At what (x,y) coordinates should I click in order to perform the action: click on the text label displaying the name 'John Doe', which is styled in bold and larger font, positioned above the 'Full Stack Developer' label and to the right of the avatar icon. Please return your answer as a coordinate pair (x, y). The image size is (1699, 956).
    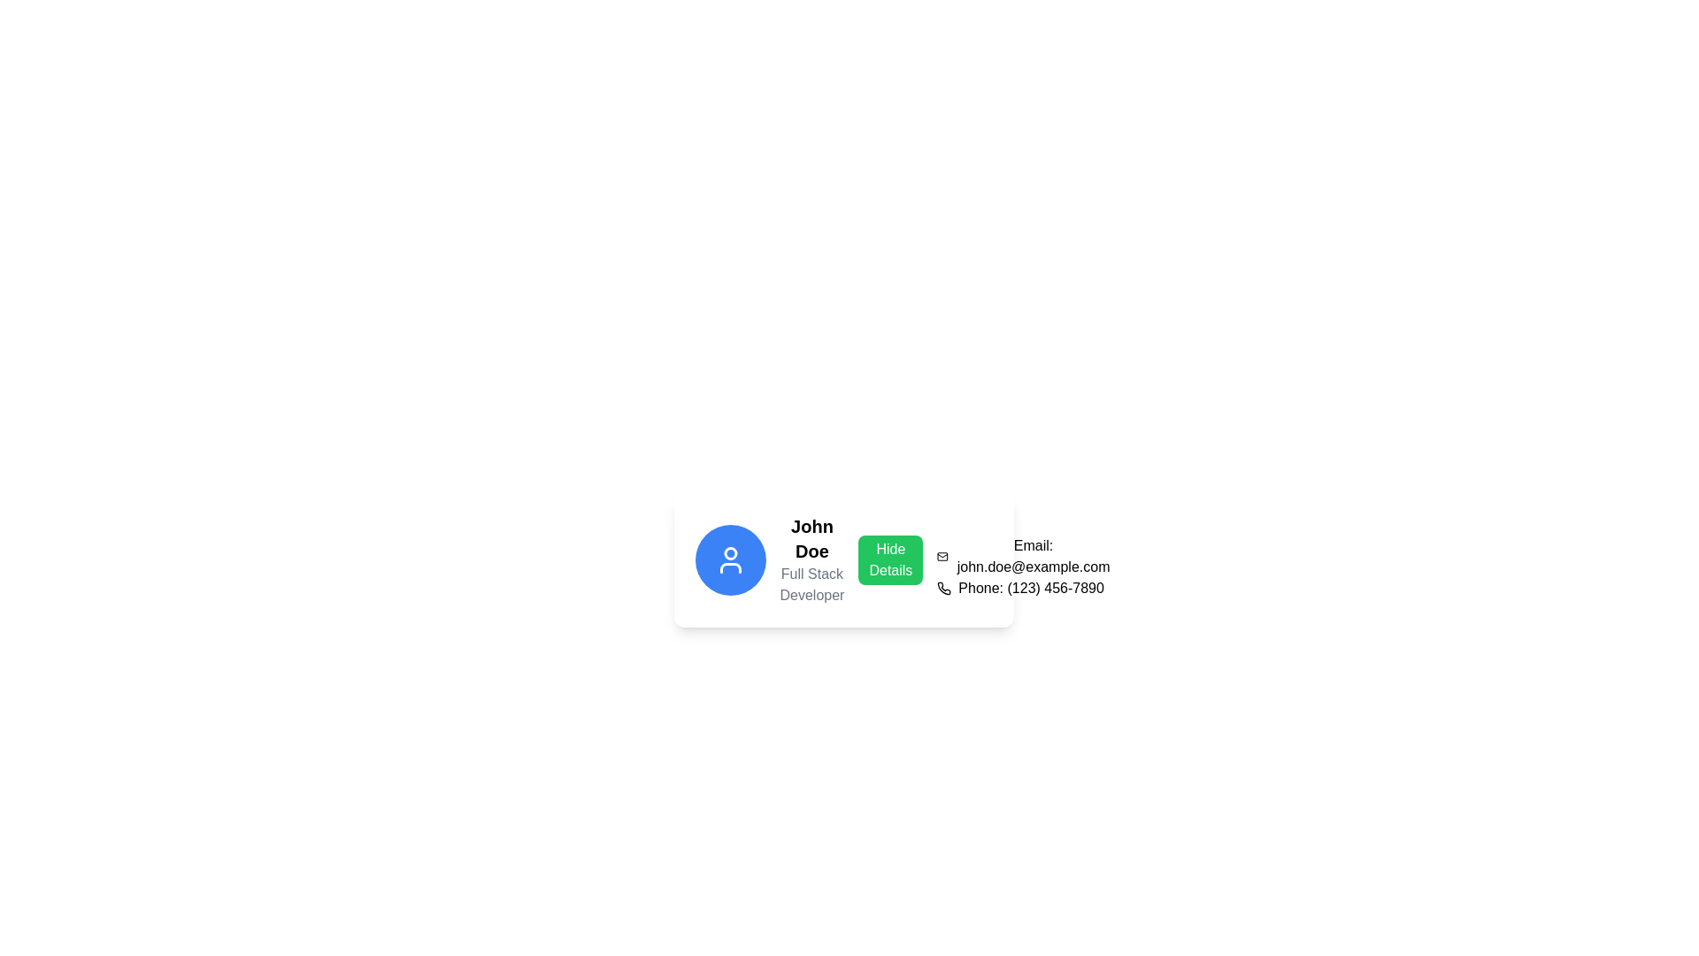
    Looking at the image, I should click on (811, 538).